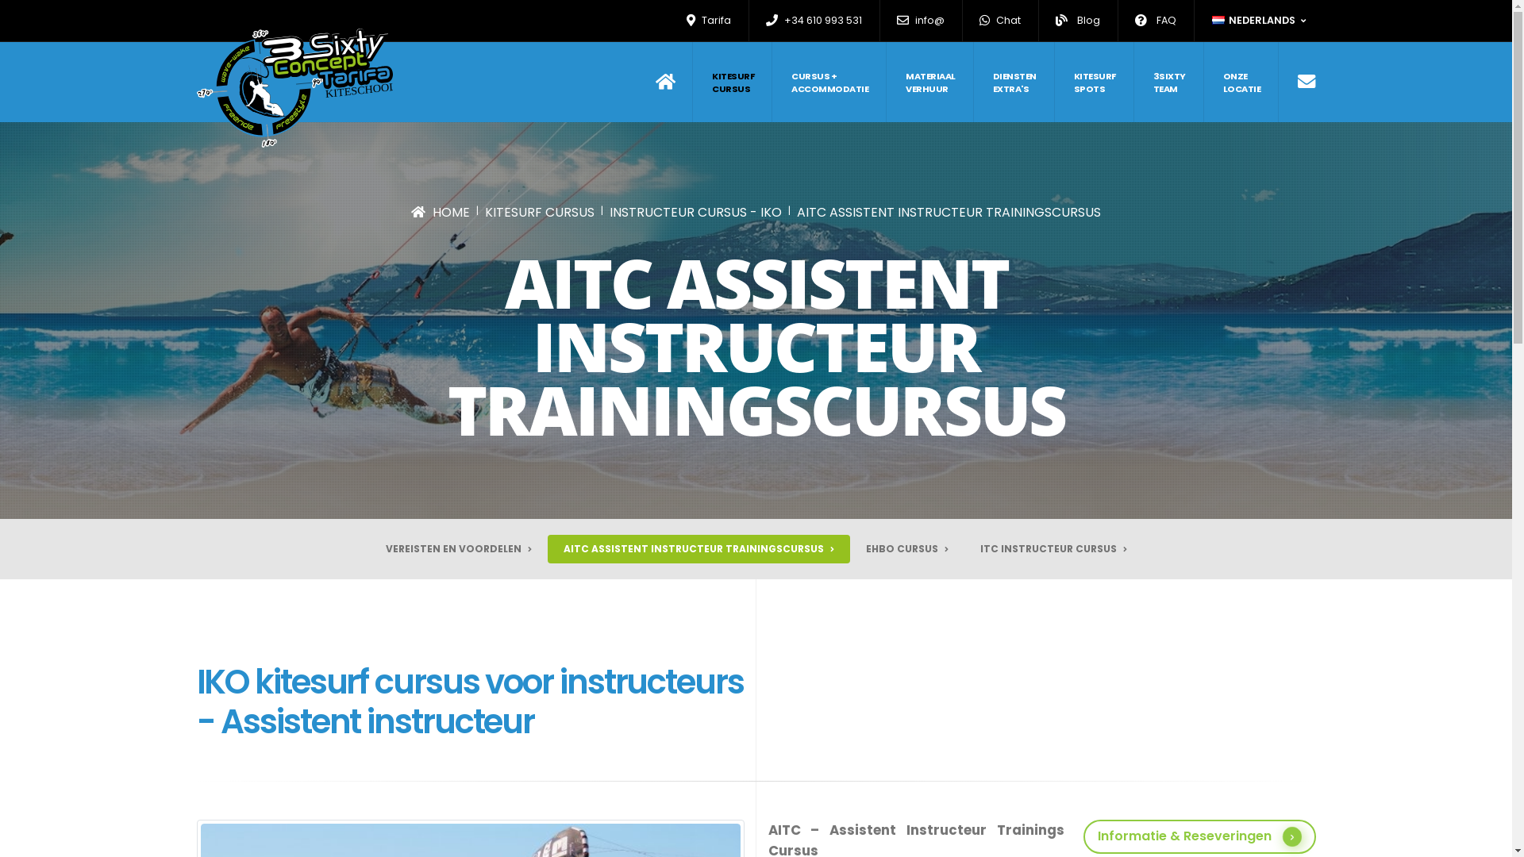  What do you see at coordinates (695, 211) in the screenshot?
I see `'INSTRUCTEUR CURSUS - IKO'` at bounding box center [695, 211].